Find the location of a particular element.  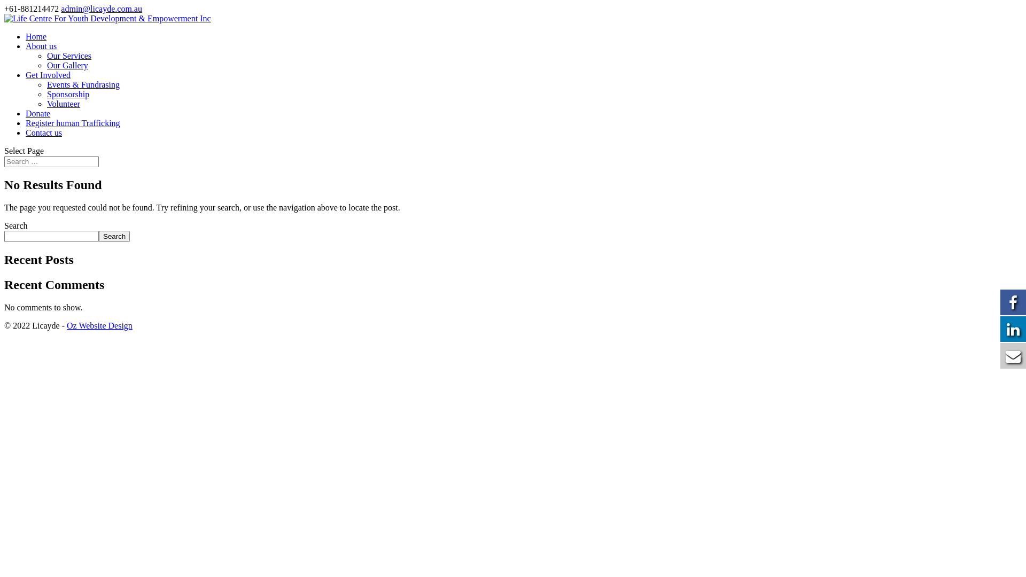

'Events & Fundrasing' is located at coordinates (83, 84).